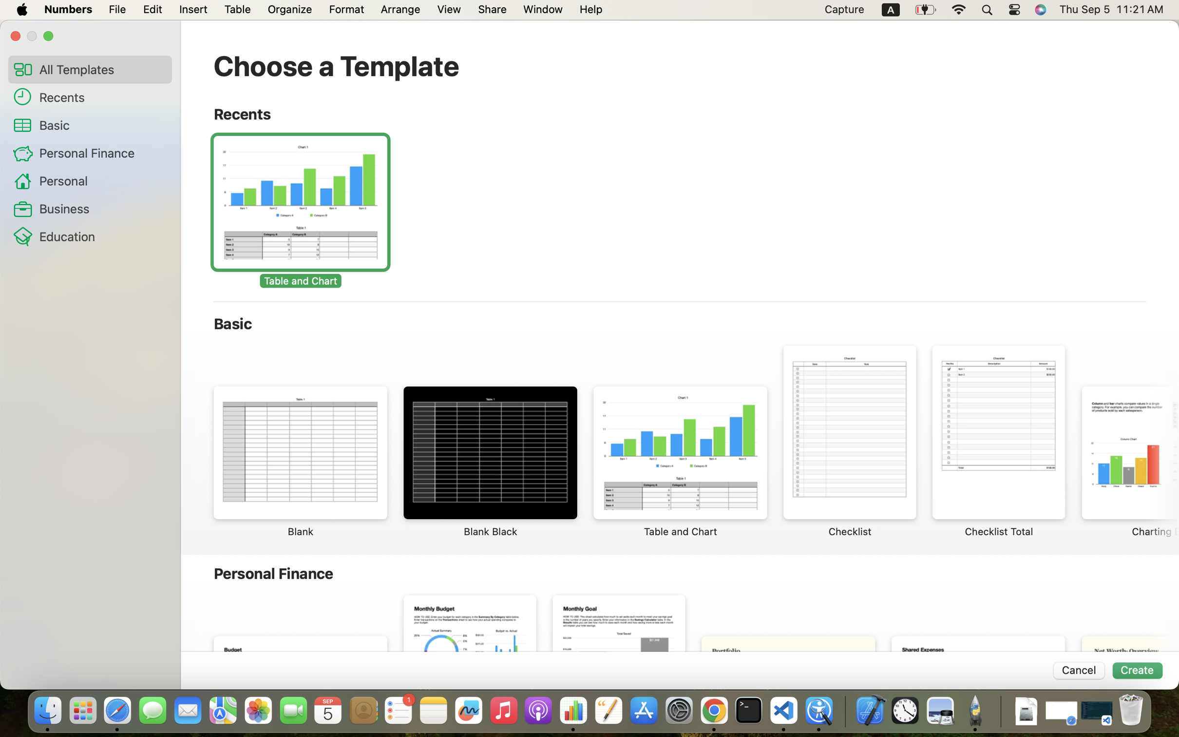 The width and height of the screenshot is (1179, 737). Describe the element at coordinates (101, 235) in the screenshot. I see `'Education'` at that location.